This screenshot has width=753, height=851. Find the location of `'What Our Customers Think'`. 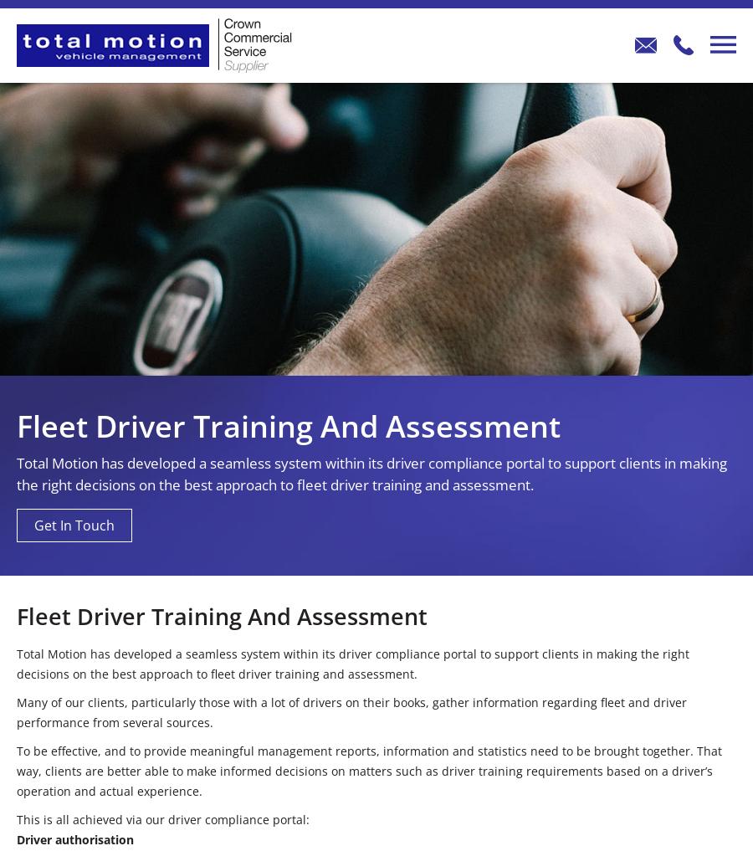

'What Our Customers Think' is located at coordinates (376, 29).